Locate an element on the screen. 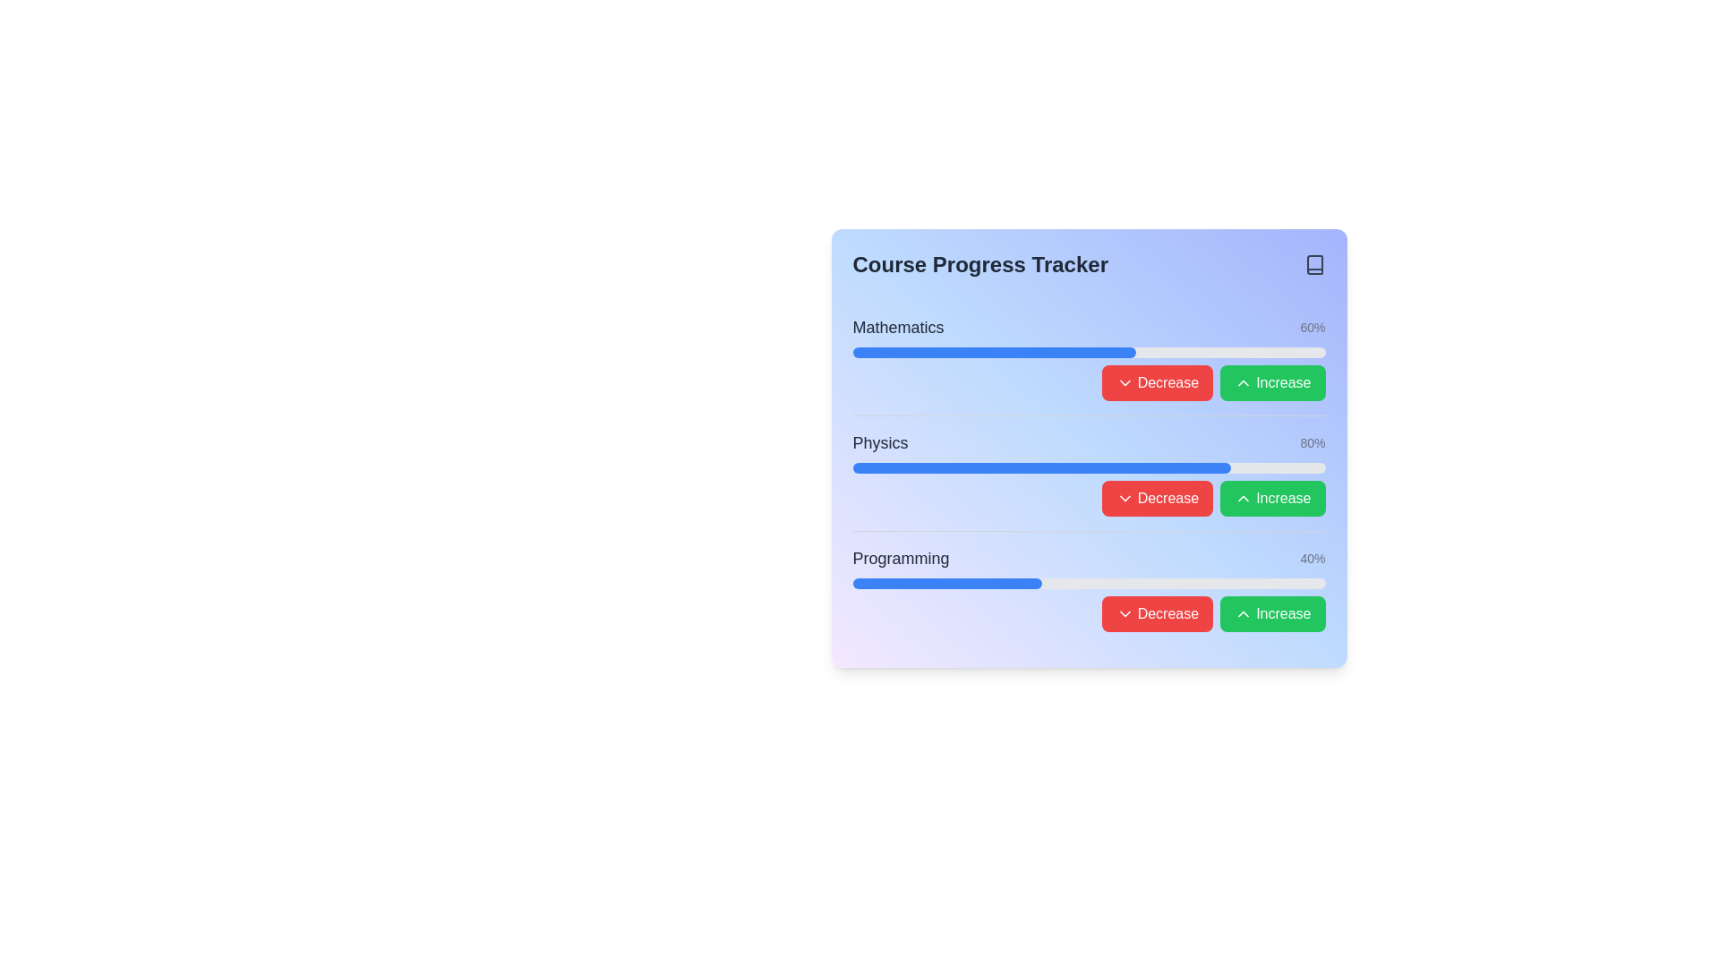 The width and height of the screenshot is (1719, 967). percentage value displayed in the light gray text label showing '40%' on a gradient blue background, located near the right edge of the 'Programming' progress tracking row is located at coordinates (1313, 558).